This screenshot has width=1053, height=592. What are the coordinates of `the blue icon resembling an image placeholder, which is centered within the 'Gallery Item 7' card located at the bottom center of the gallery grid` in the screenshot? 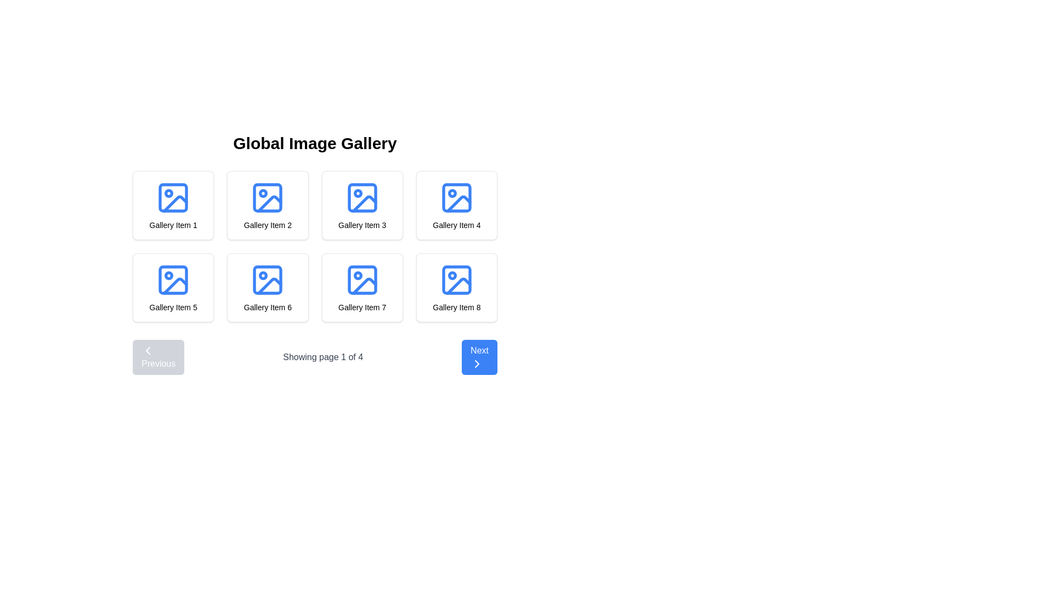 It's located at (362, 279).